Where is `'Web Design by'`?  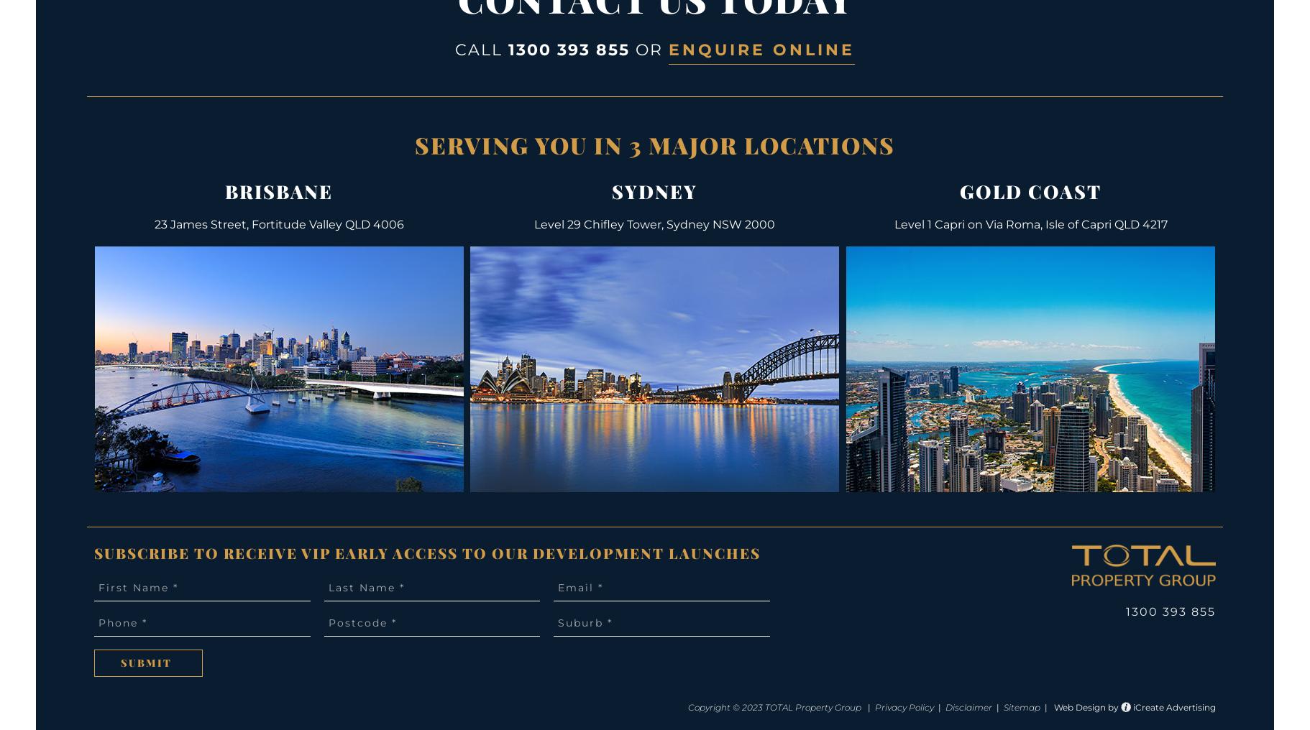 'Web Design by' is located at coordinates (1086, 707).